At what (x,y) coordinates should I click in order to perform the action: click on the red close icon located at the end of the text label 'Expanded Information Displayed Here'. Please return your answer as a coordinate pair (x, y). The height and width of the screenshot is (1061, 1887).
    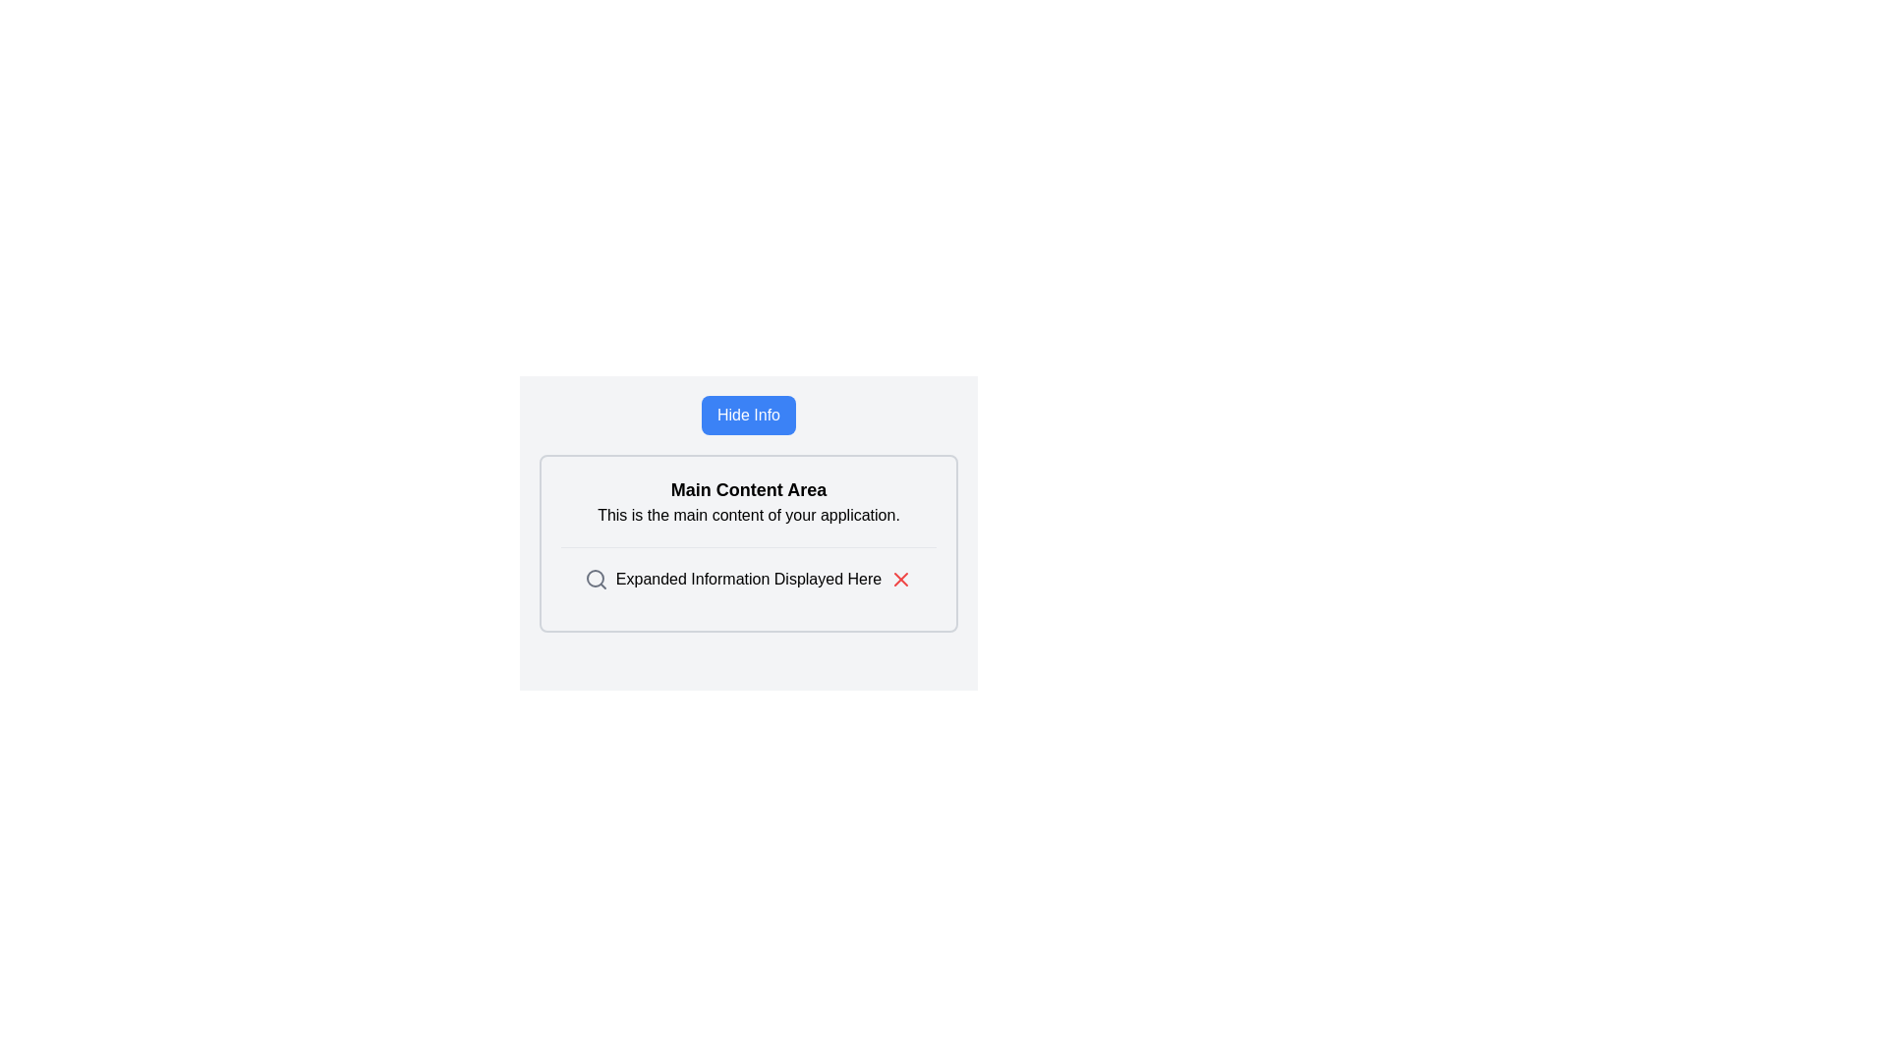
    Looking at the image, I should click on (899, 579).